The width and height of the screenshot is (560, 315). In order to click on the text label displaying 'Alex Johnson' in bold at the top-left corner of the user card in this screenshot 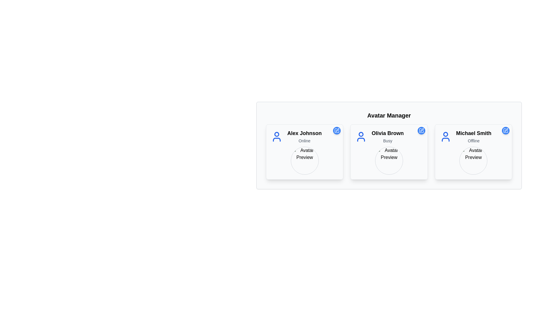, I will do `click(304, 133)`.